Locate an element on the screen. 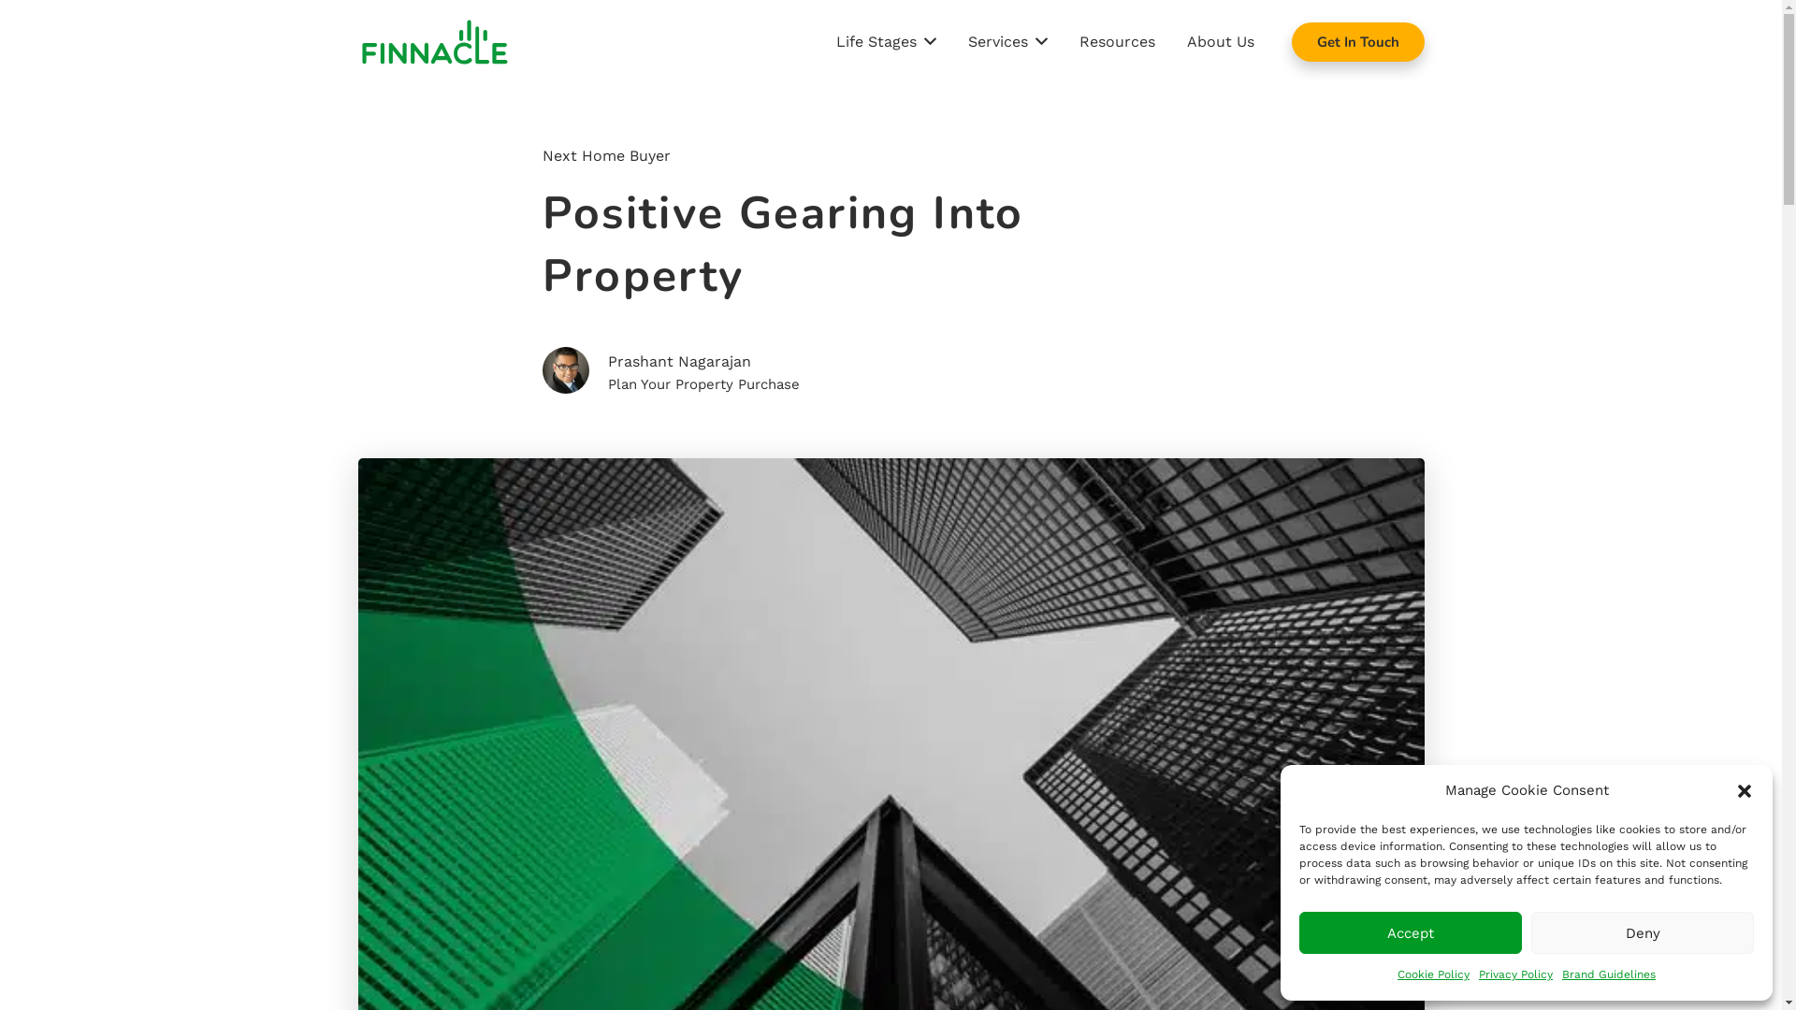 This screenshot has height=1010, width=1796. 'Deny' is located at coordinates (1642, 932).